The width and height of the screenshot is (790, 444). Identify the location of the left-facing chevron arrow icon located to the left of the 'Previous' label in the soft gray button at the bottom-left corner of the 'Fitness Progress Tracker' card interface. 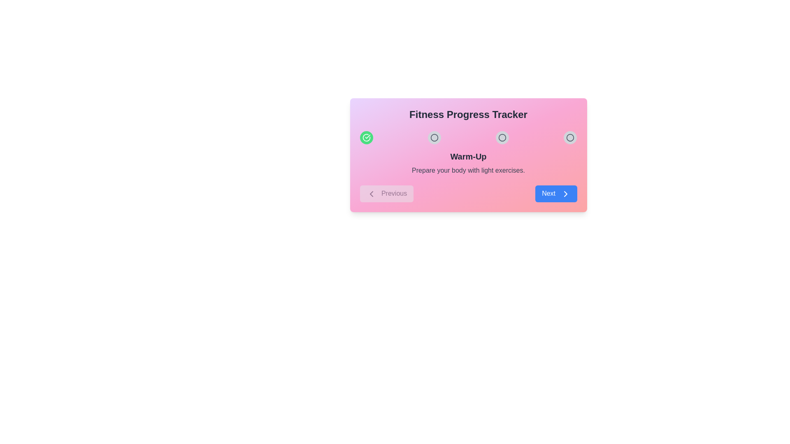
(371, 194).